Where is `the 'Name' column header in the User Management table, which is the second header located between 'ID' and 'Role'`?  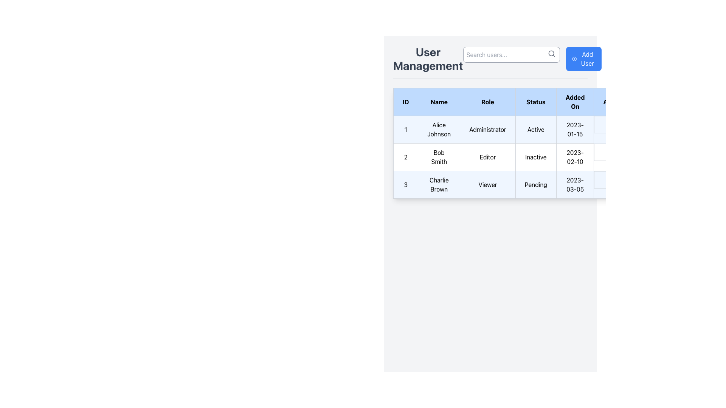
the 'Name' column header in the User Management table, which is the second header located between 'ID' and 'Role' is located at coordinates (439, 102).